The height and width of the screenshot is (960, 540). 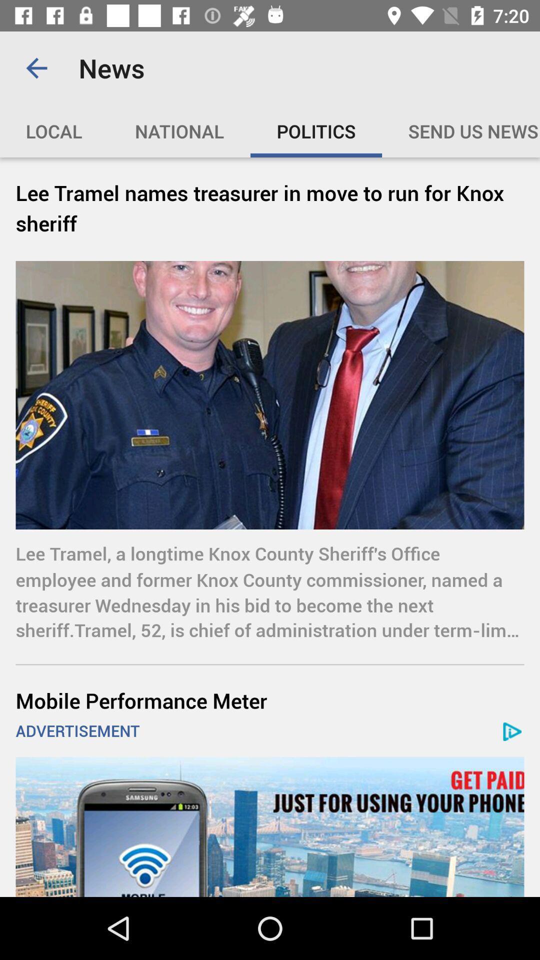 What do you see at coordinates (36, 67) in the screenshot?
I see `the app to the left of news icon` at bounding box center [36, 67].